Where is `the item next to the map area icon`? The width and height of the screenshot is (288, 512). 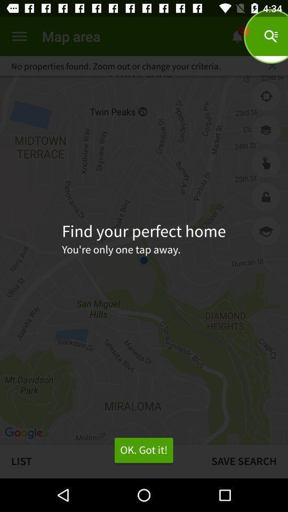 the item next to the map area icon is located at coordinates (19, 36).